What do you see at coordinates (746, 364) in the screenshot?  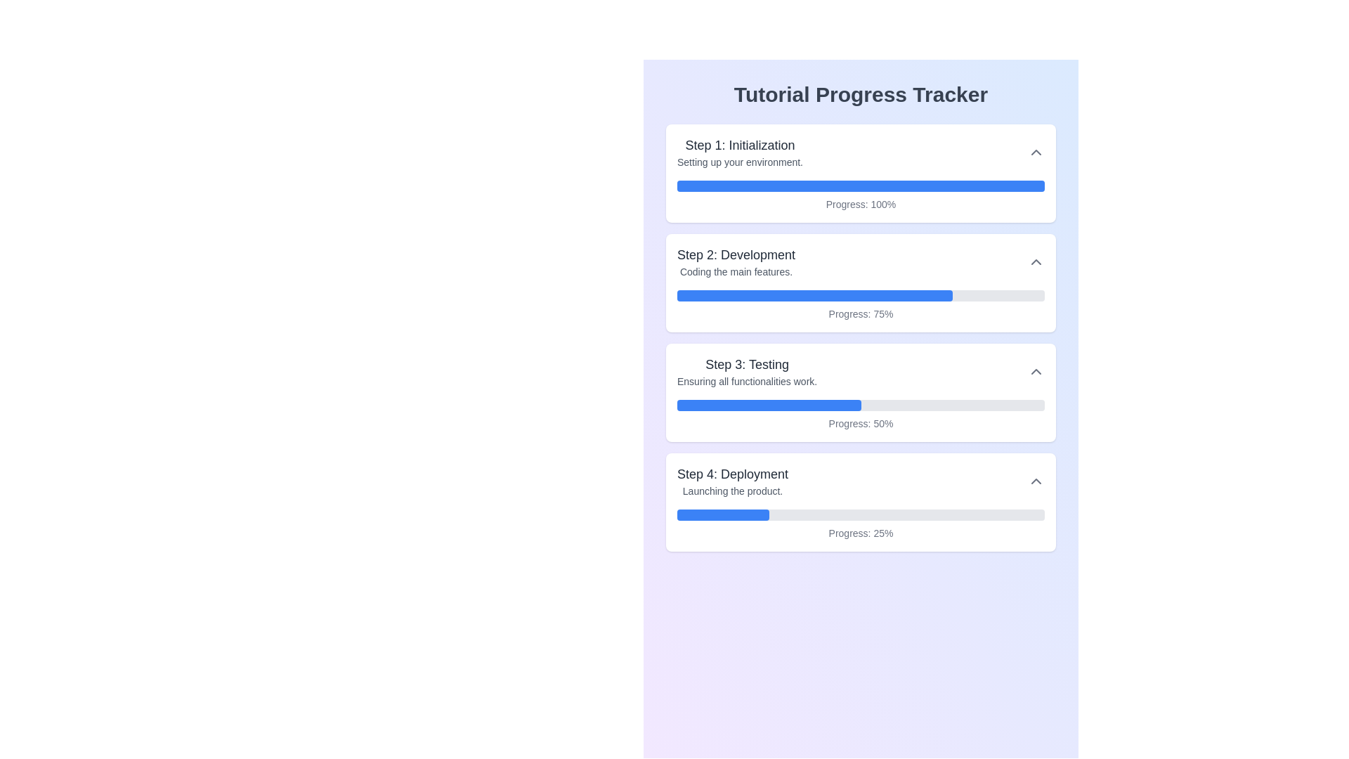 I see `contents of the text heading labeled 'Step 3: Testing', which is styled prominently in dark gray on a light background, located above the progress bar in the tutorial progress tracker` at bounding box center [746, 364].